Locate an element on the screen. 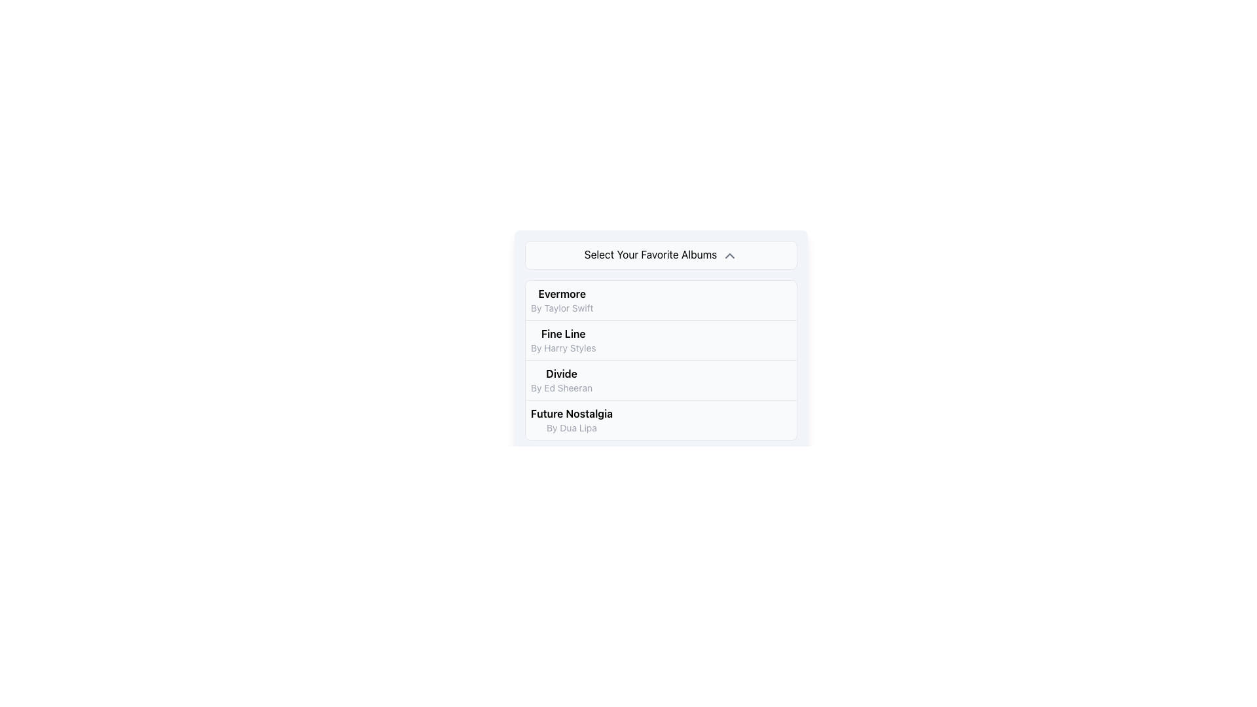 The image size is (1257, 707). the text label displaying 'Divide' in bold font to initiate an action related to the album 'Divide' by Ed Sheeran is located at coordinates (562, 373).